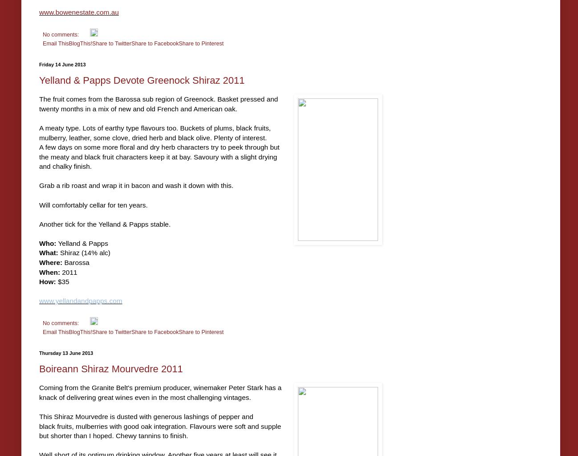  Describe the element at coordinates (110, 368) in the screenshot. I see `'Boireann Shiraz Mourvedre 2011'` at that location.